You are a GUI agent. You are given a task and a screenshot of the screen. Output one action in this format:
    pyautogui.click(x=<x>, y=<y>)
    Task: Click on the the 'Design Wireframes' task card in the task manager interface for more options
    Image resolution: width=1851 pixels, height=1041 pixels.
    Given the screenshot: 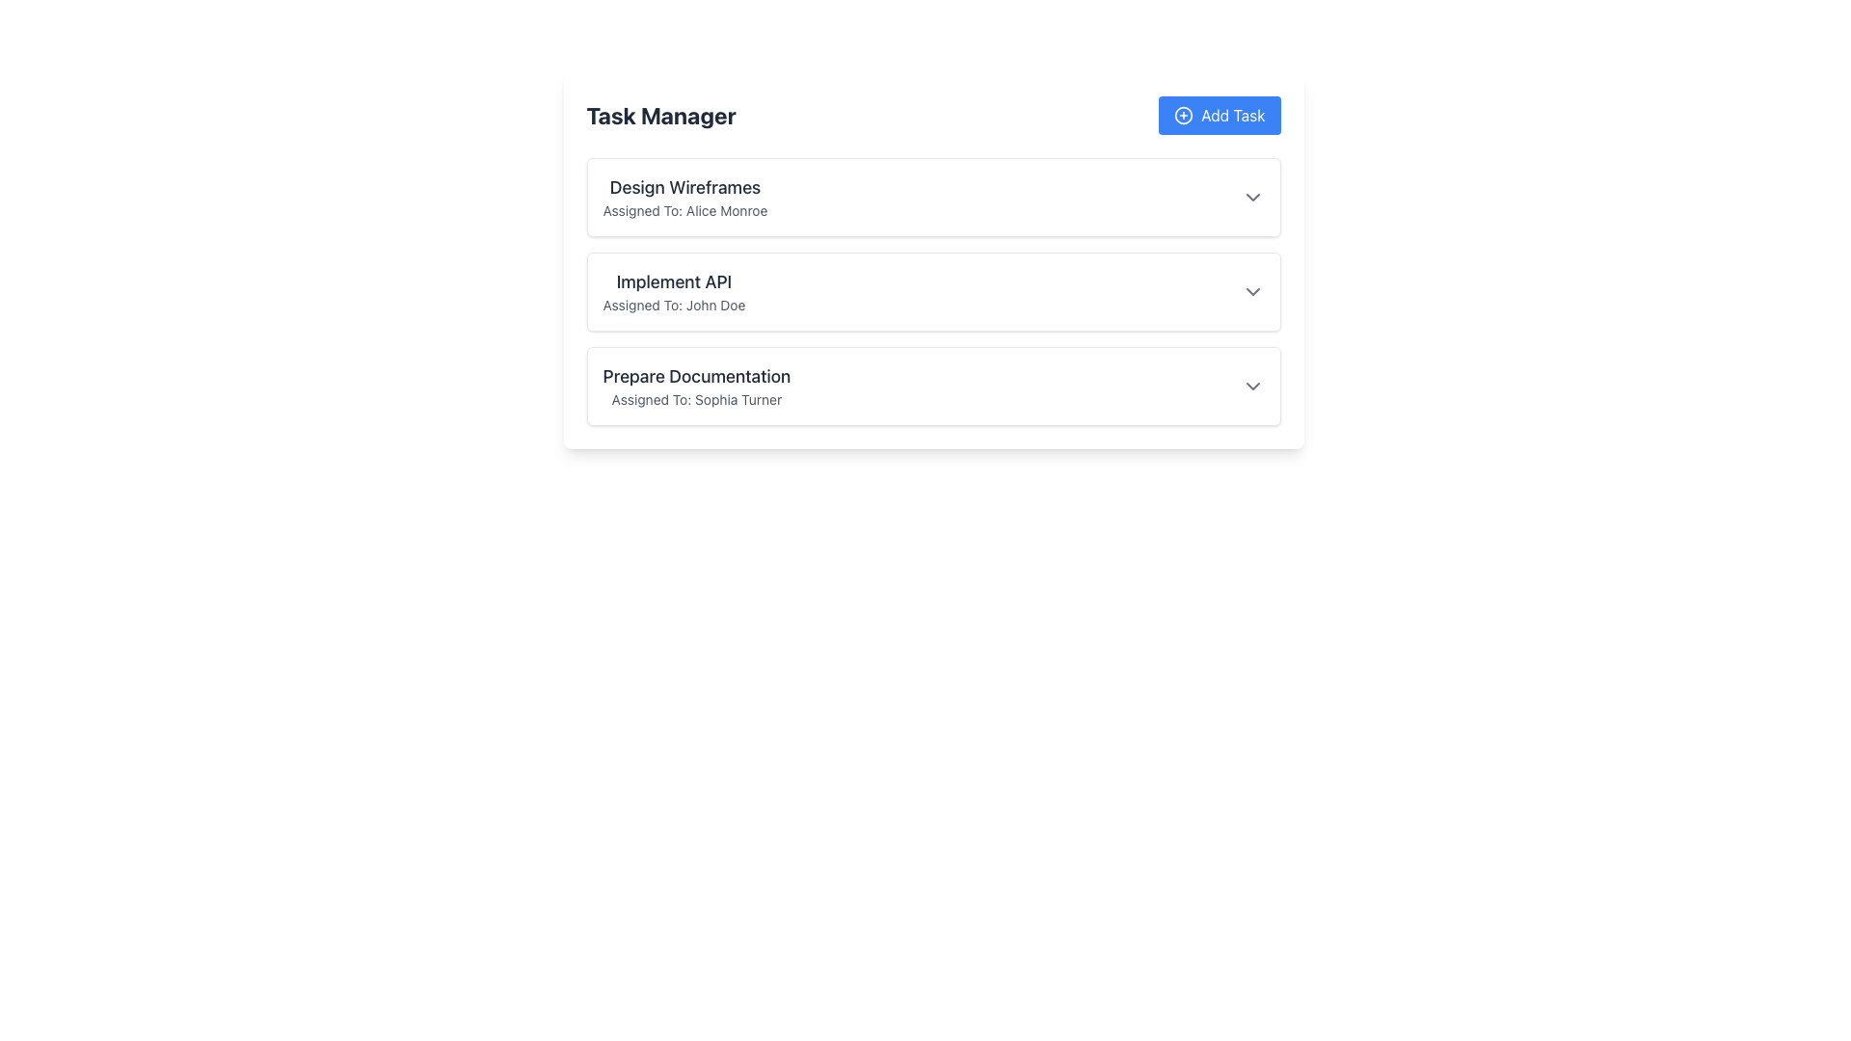 What is the action you would take?
    pyautogui.click(x=933, y=197)
    